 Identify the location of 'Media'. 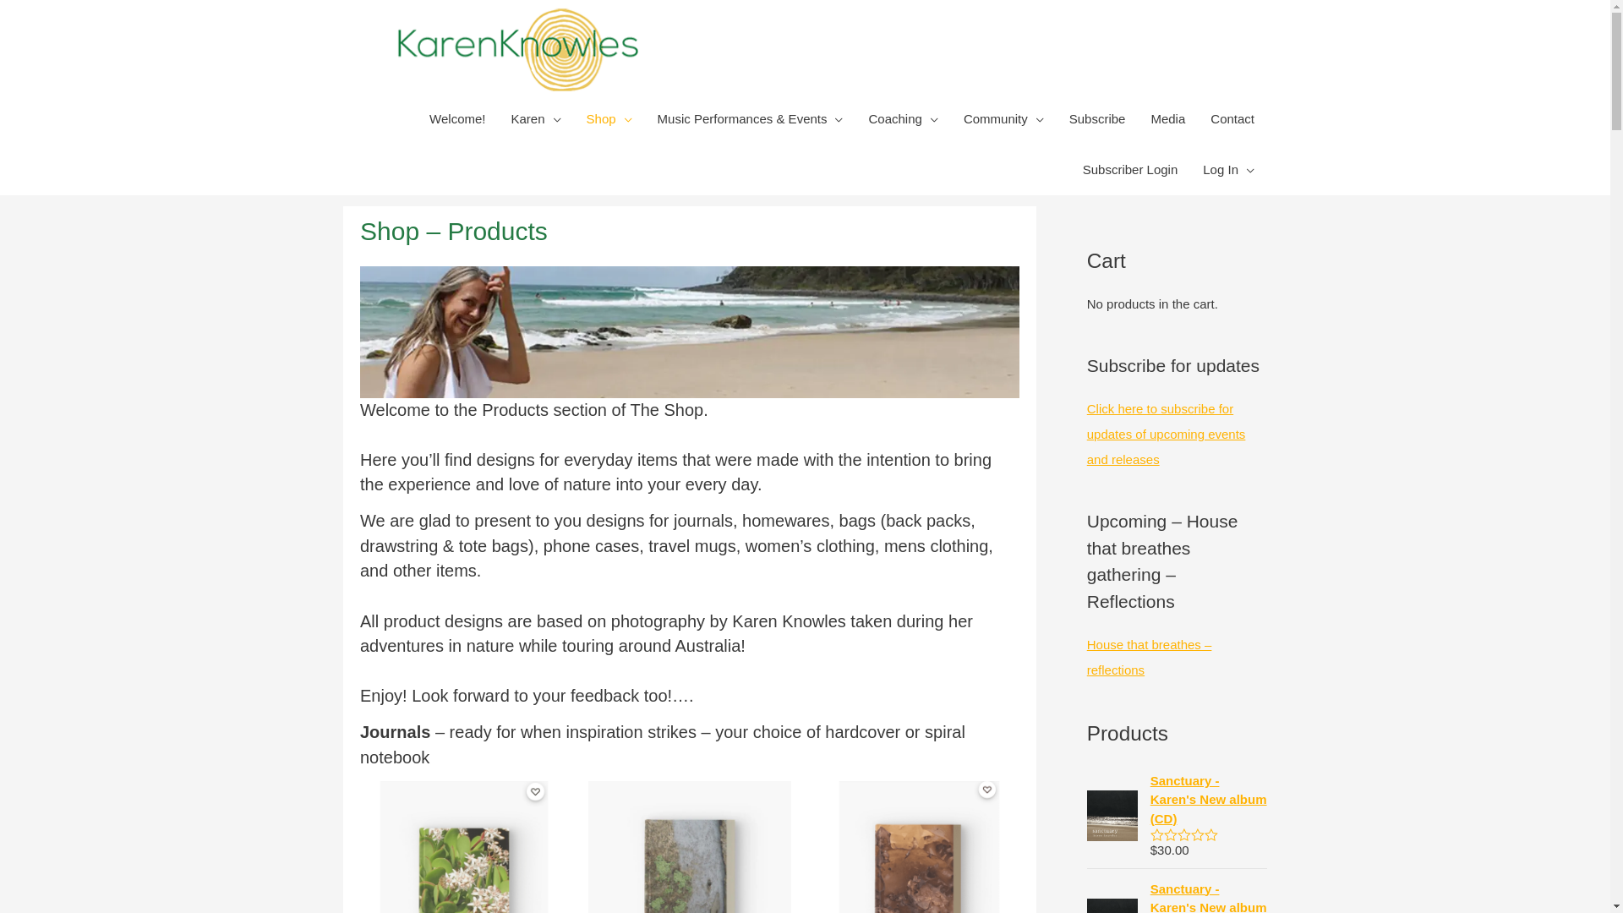
(1167, 118).